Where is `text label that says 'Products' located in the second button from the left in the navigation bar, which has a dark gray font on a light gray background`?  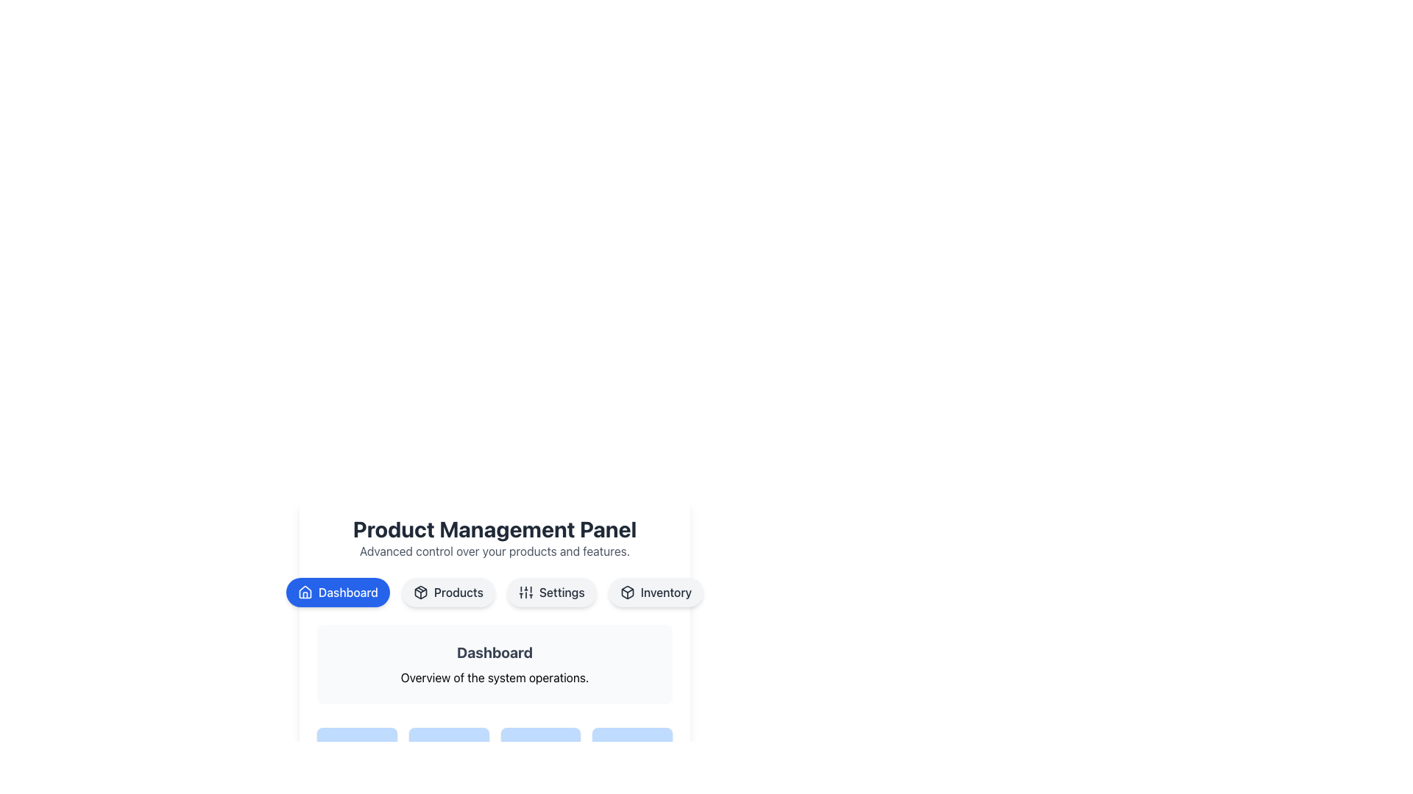 text label that says 'Products' located in the second button from the left in the navigation bar, which has a dark gray font on a light gray background is located at coordinates (458, 592).